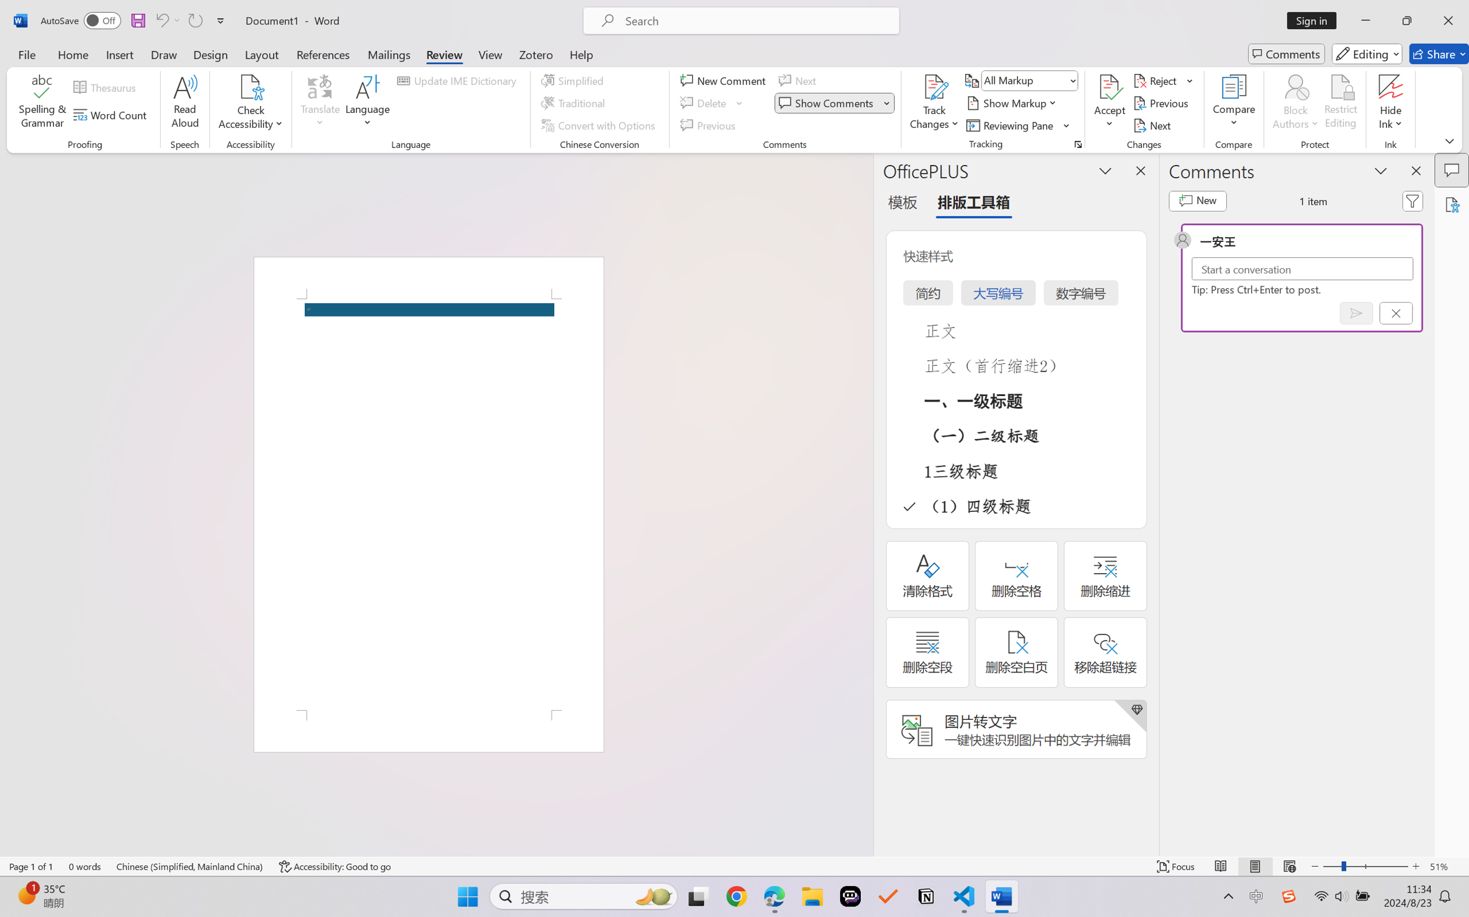 This screenshot has height=917, width=1469. I want to click on 'Reviewing Pane', so click(1018, 126).